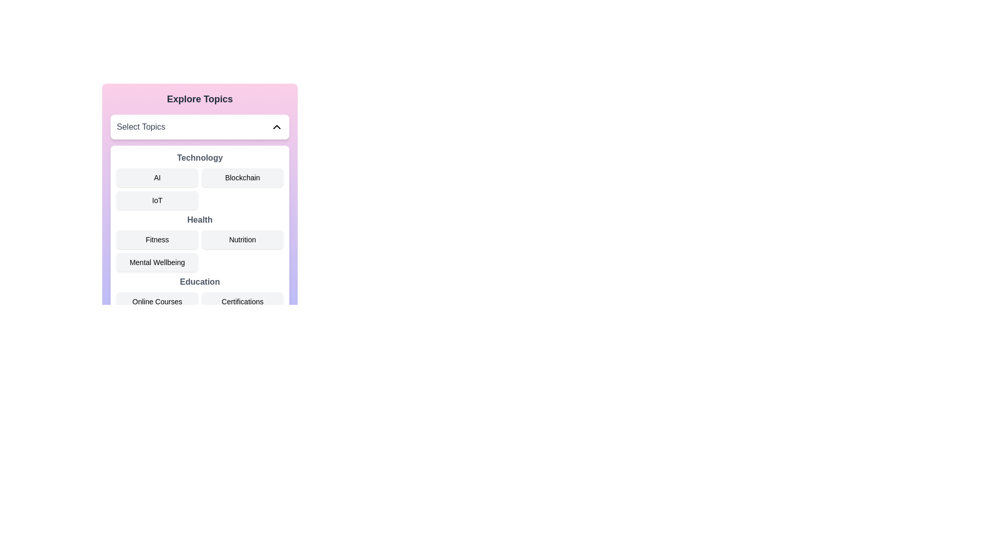 This screenshot has height=558, width=992. What do you see at coordinates (157, 262) in the screenshot?
I see `the mental wellbeing button located in the second row of the 'Health' category` at bounding box center [157, 262].